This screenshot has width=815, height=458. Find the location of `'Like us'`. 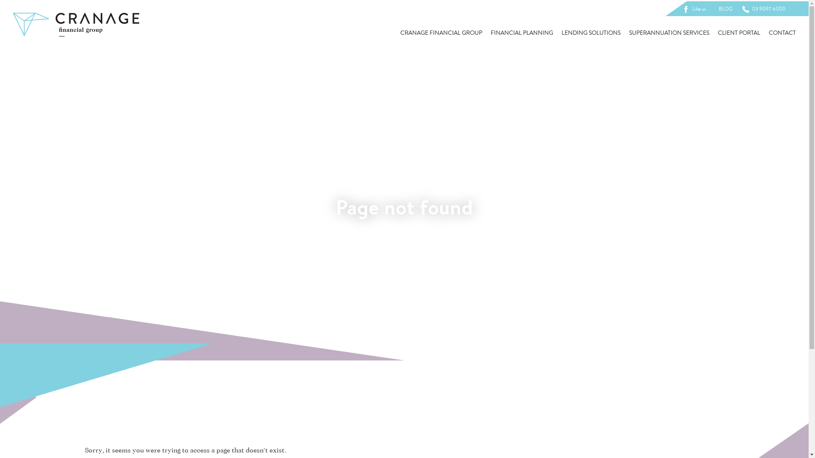

'Like us' is located at coordinates (695, 8).